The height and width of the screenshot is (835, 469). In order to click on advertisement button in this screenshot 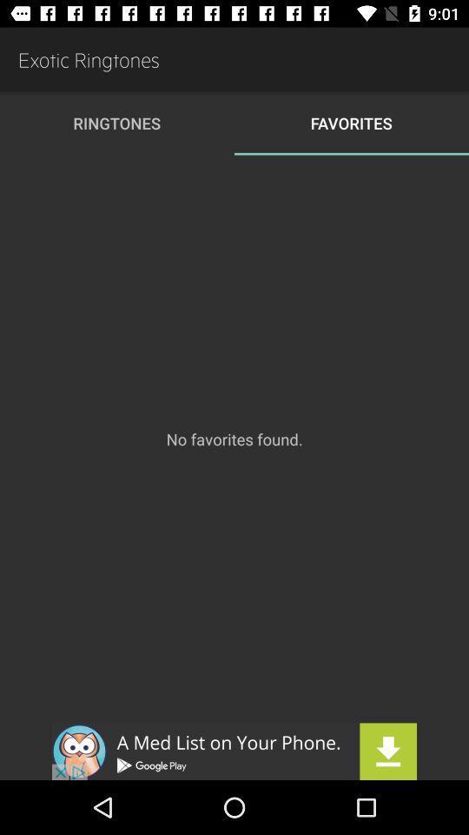, I will do `click(234, 751)`.